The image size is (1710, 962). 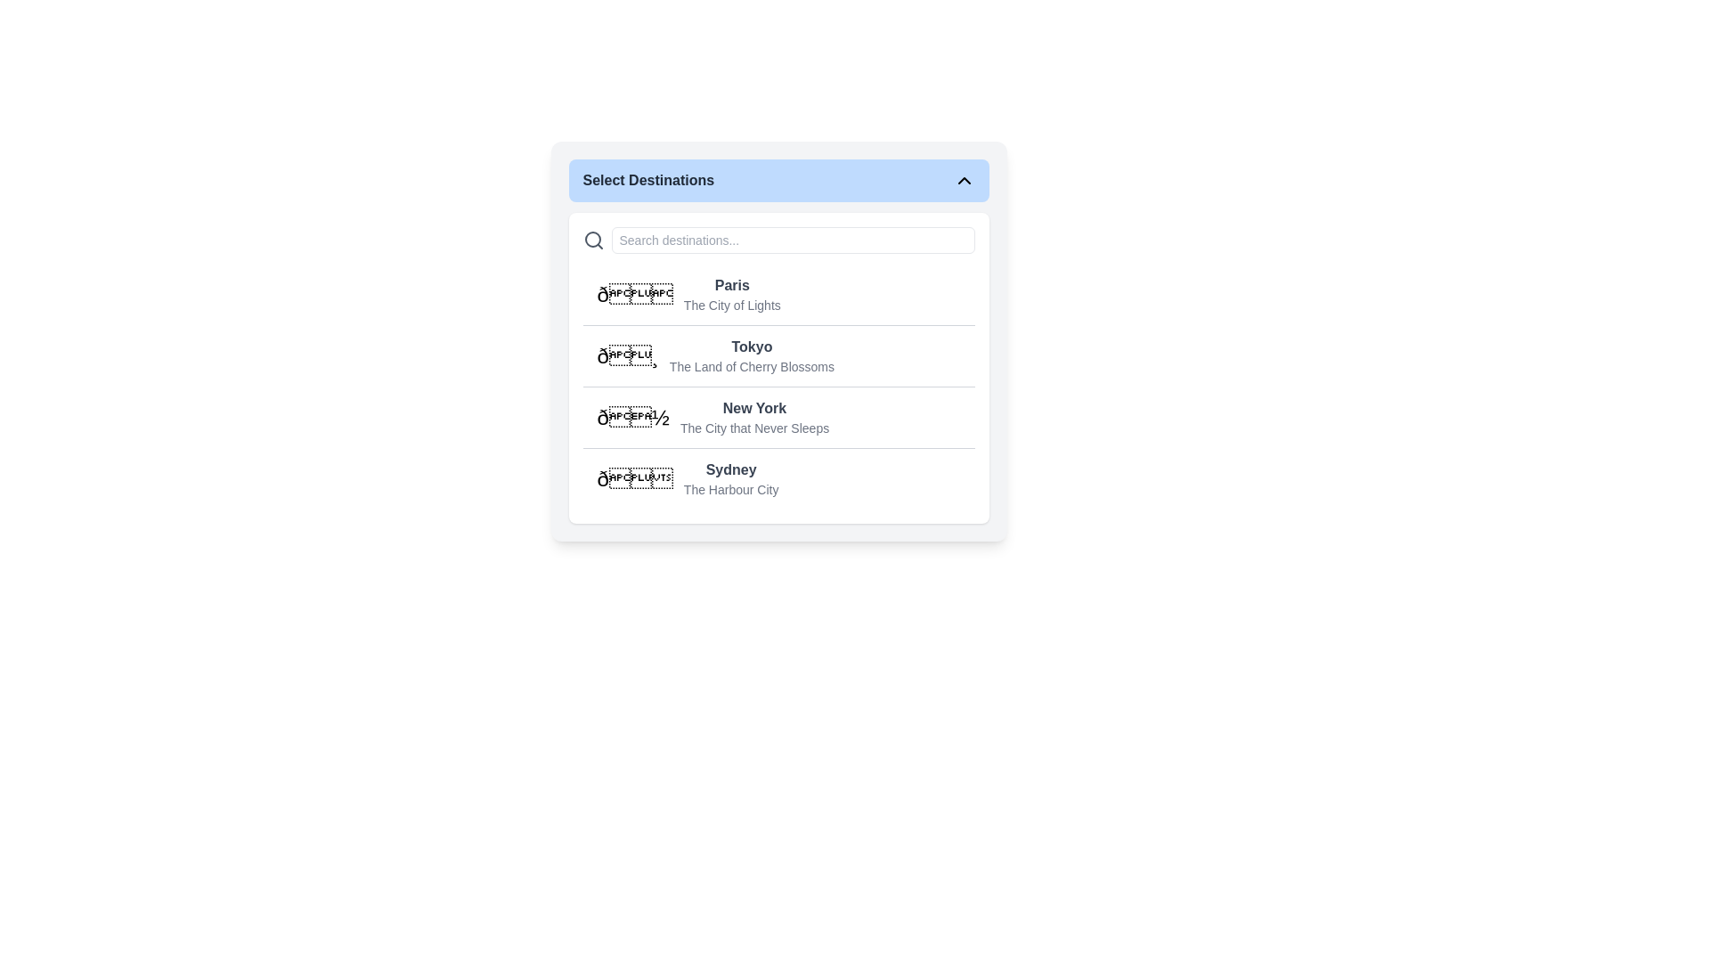 I want to click on the text label displaying 'The City of Lights', which is styled in a small, gray font and located immediately below the 'Paris' label, so click(x=732, y=305).